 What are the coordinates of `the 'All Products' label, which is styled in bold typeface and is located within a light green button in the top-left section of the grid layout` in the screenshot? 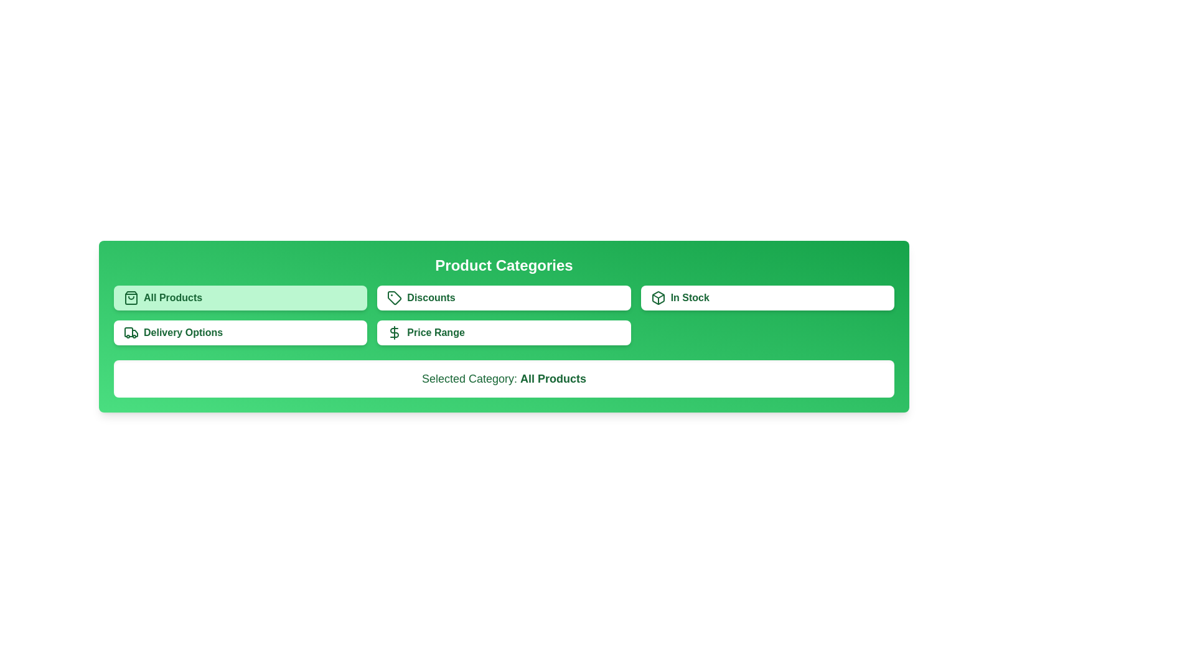 It's located at (172, 297).